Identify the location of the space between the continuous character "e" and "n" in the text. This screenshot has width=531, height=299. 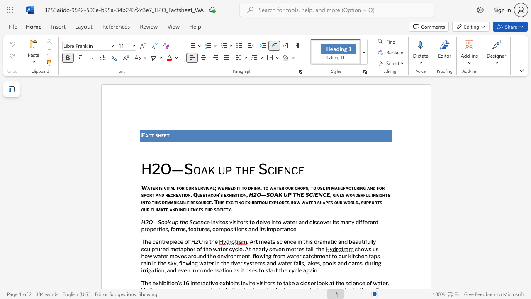
(284, 169).